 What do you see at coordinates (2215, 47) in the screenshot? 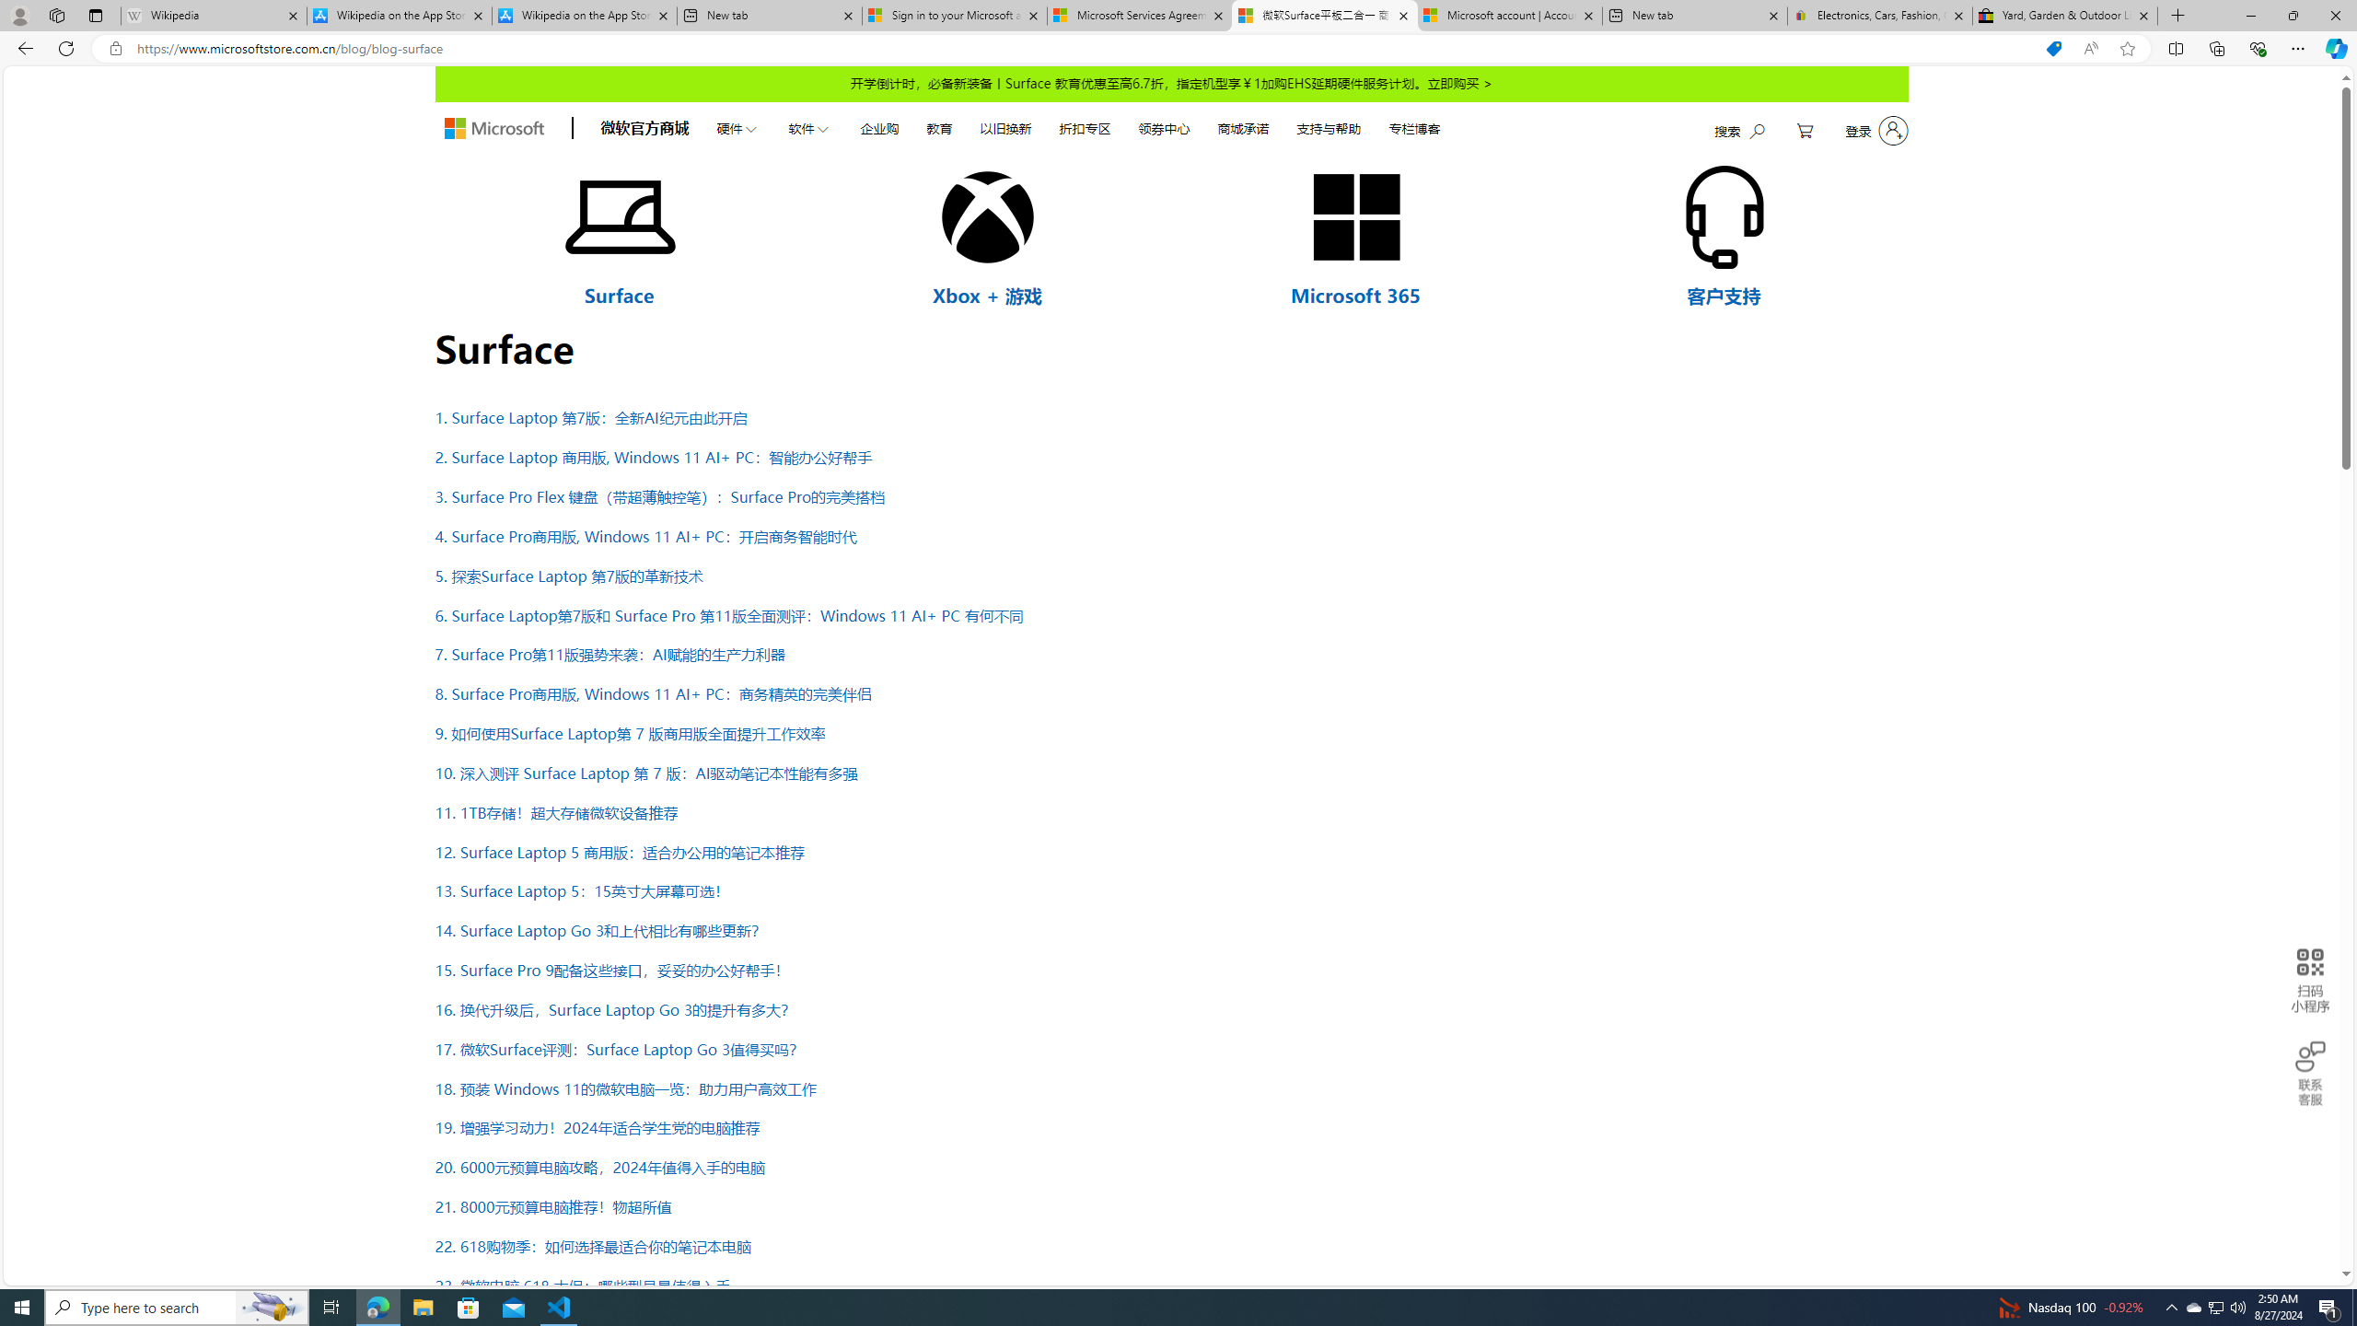
I see `'Collections'` at bounding box center [2215, 47].